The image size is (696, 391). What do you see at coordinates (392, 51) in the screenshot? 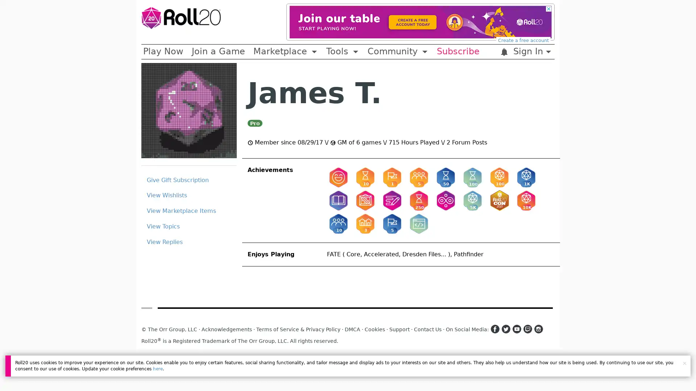
I see `Community` at bounding box center [392, 51].